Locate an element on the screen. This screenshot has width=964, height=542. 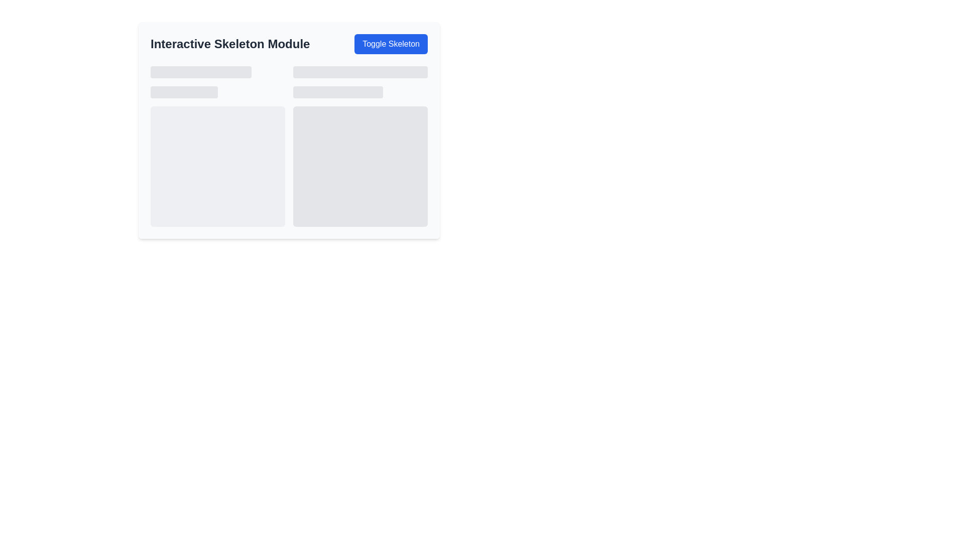
the button that toggles the visibility of the skeleton UI component in the upper-right corner of the 'Interactive Skeleton Module' to observe style changes is located at coordinates (391, 44).